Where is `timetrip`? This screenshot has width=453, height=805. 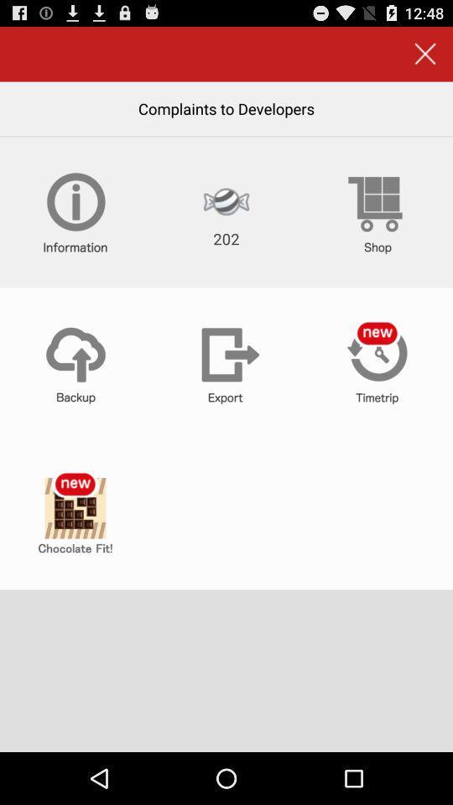
timetrip is located at coordinates (377, 363).